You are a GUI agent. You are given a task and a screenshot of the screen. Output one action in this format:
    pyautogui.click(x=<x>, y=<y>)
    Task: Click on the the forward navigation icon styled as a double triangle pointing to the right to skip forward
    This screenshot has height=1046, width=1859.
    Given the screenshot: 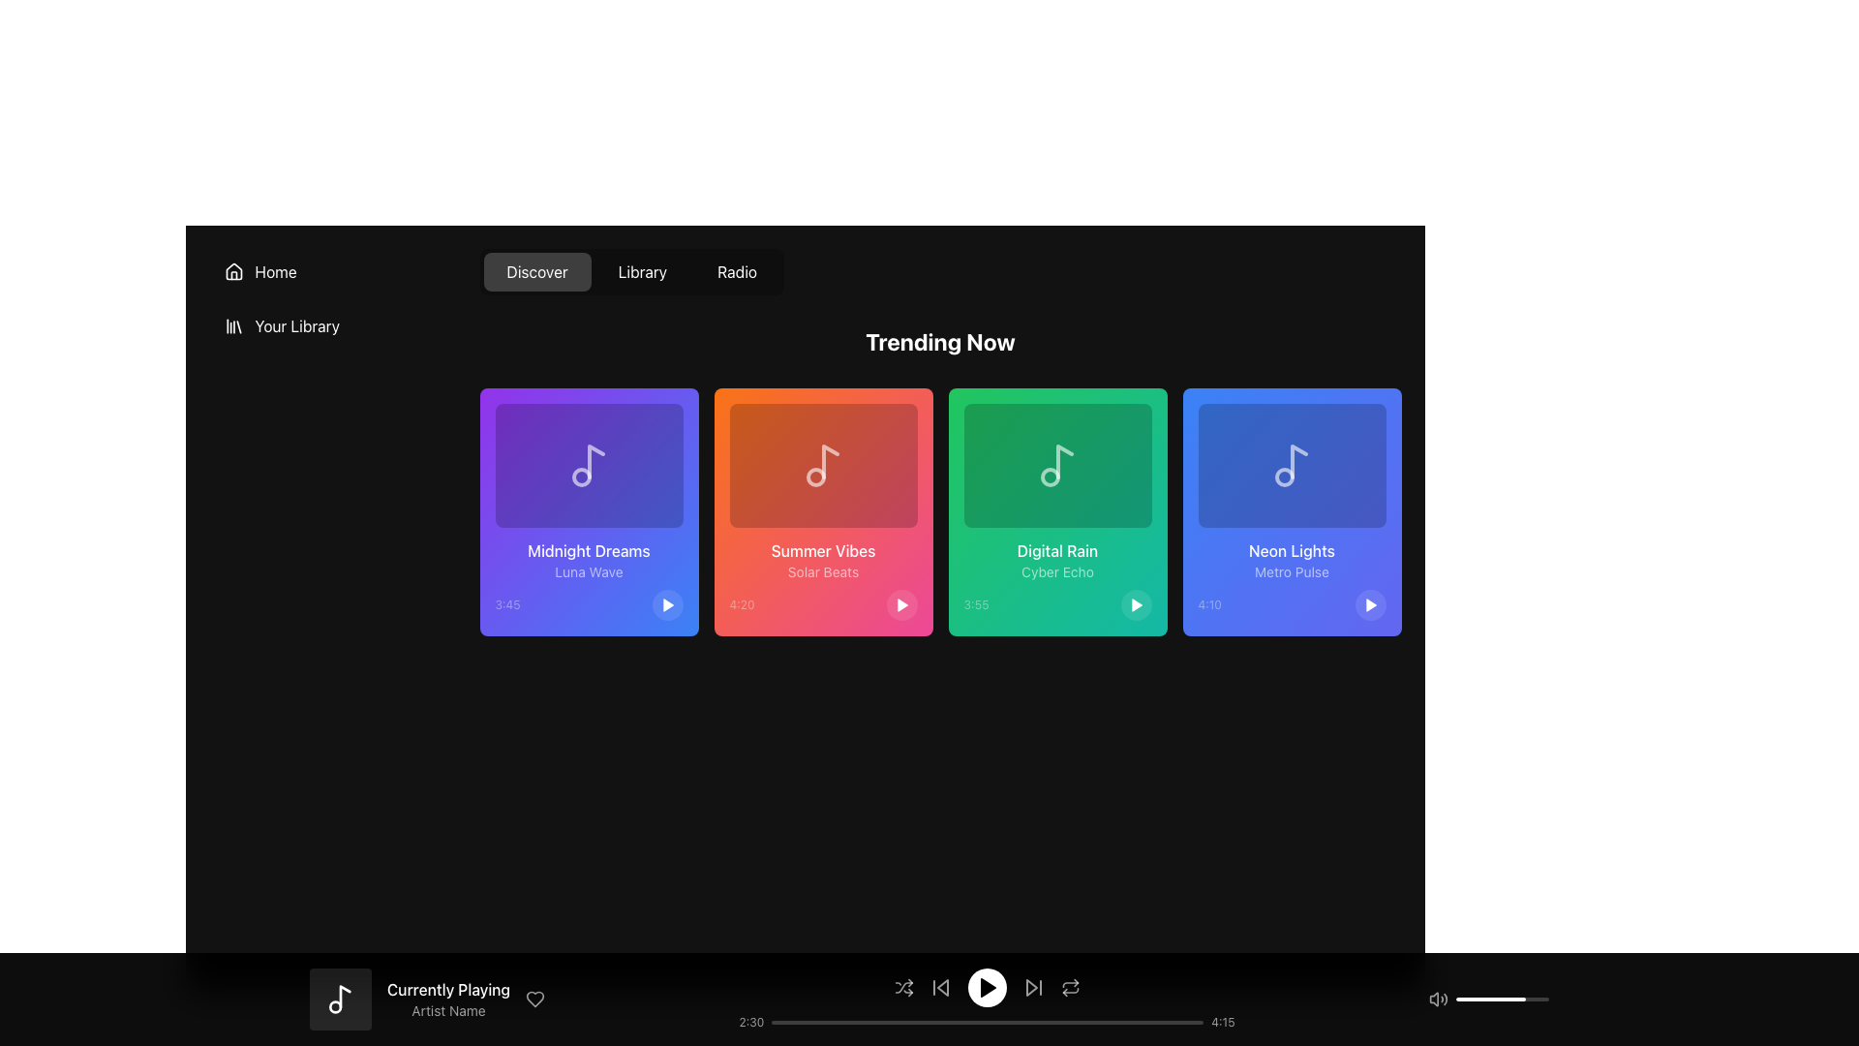 What is the action you would take?
    pyautogui.click(x=1032, y=987)
    